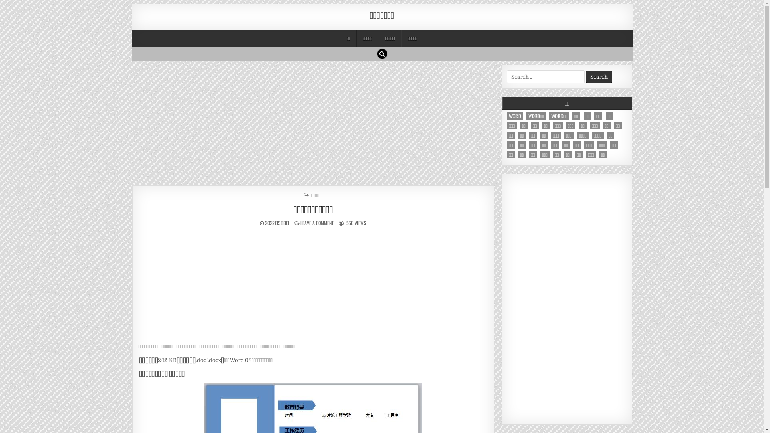 This screenshot has width=770, height=433. I want to click on 'Advertisement', so click(567, 299).